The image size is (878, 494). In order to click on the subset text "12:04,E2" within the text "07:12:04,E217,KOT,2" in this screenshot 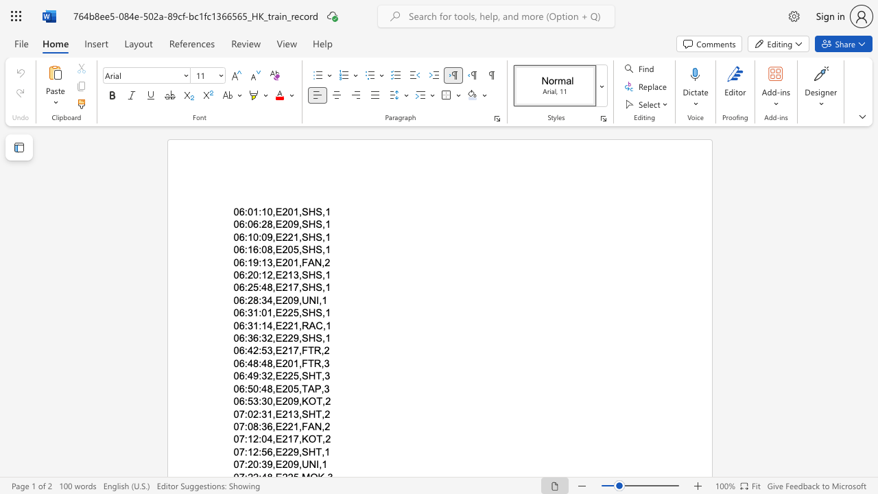, I will do `click(247, 439)`.